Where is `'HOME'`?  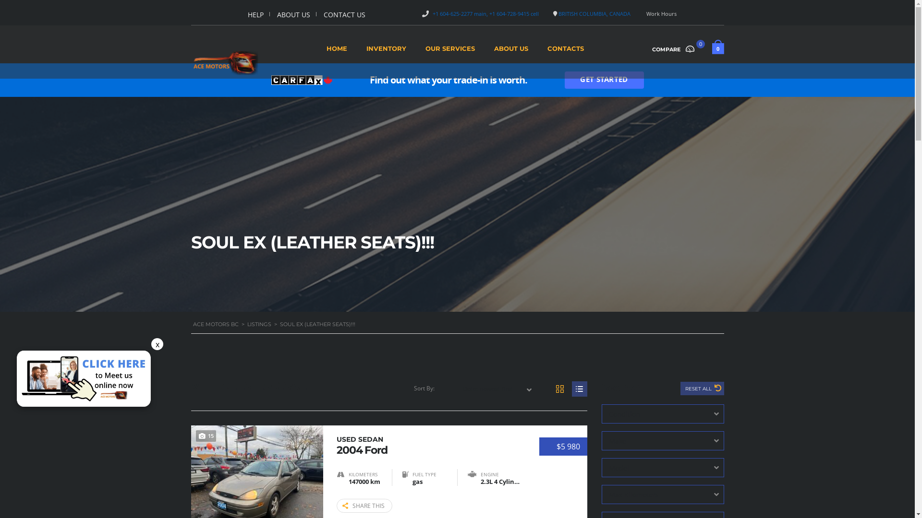
'HOME' is located at coordinates (337, 51).